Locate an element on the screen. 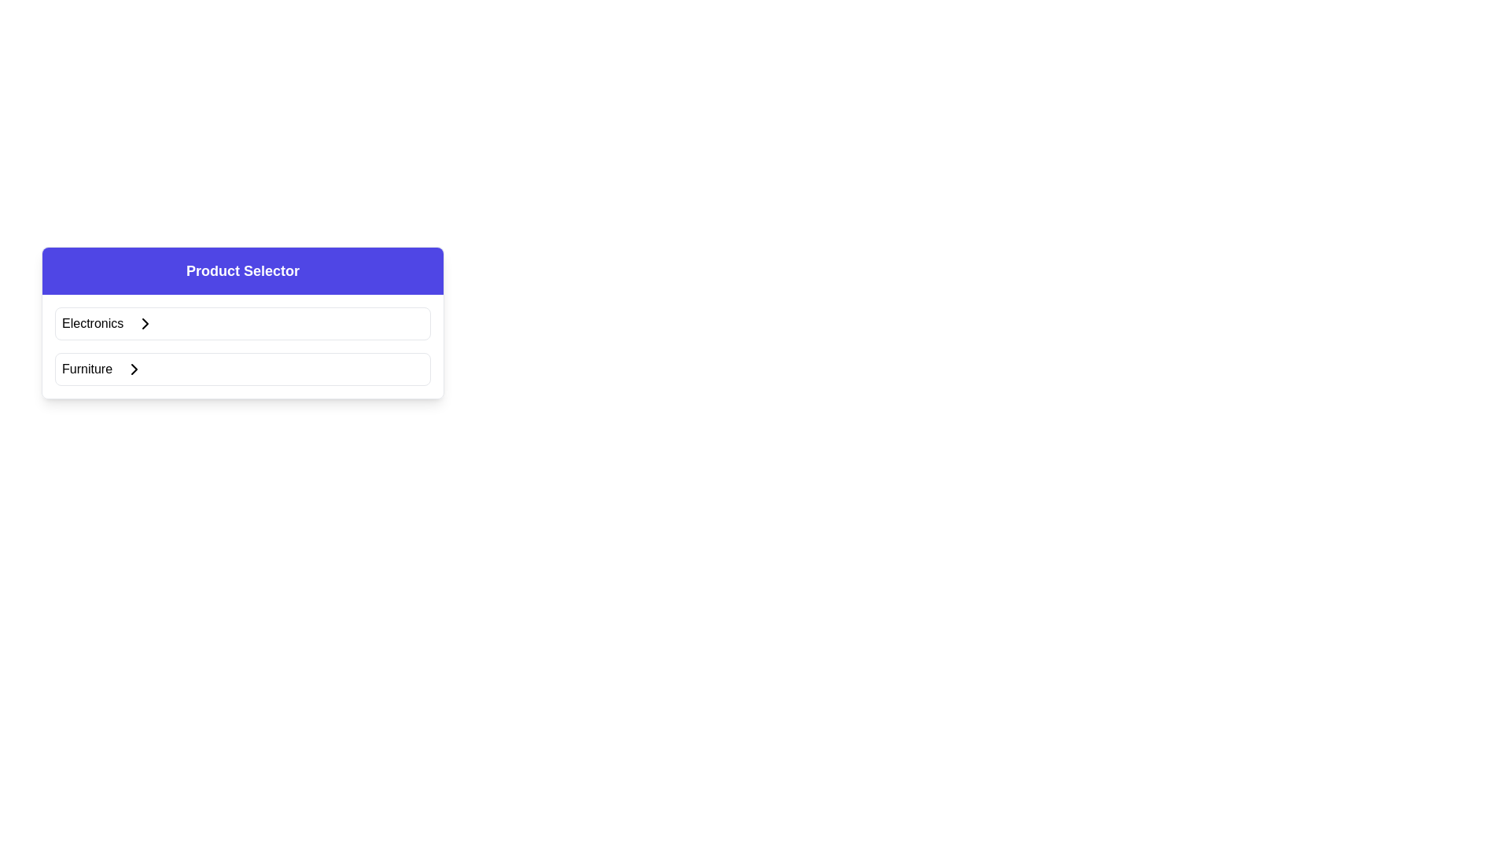 This screenshot has height=849, width=1510. the text label displaying 'Furniture' is located at coordinates (86, 369).